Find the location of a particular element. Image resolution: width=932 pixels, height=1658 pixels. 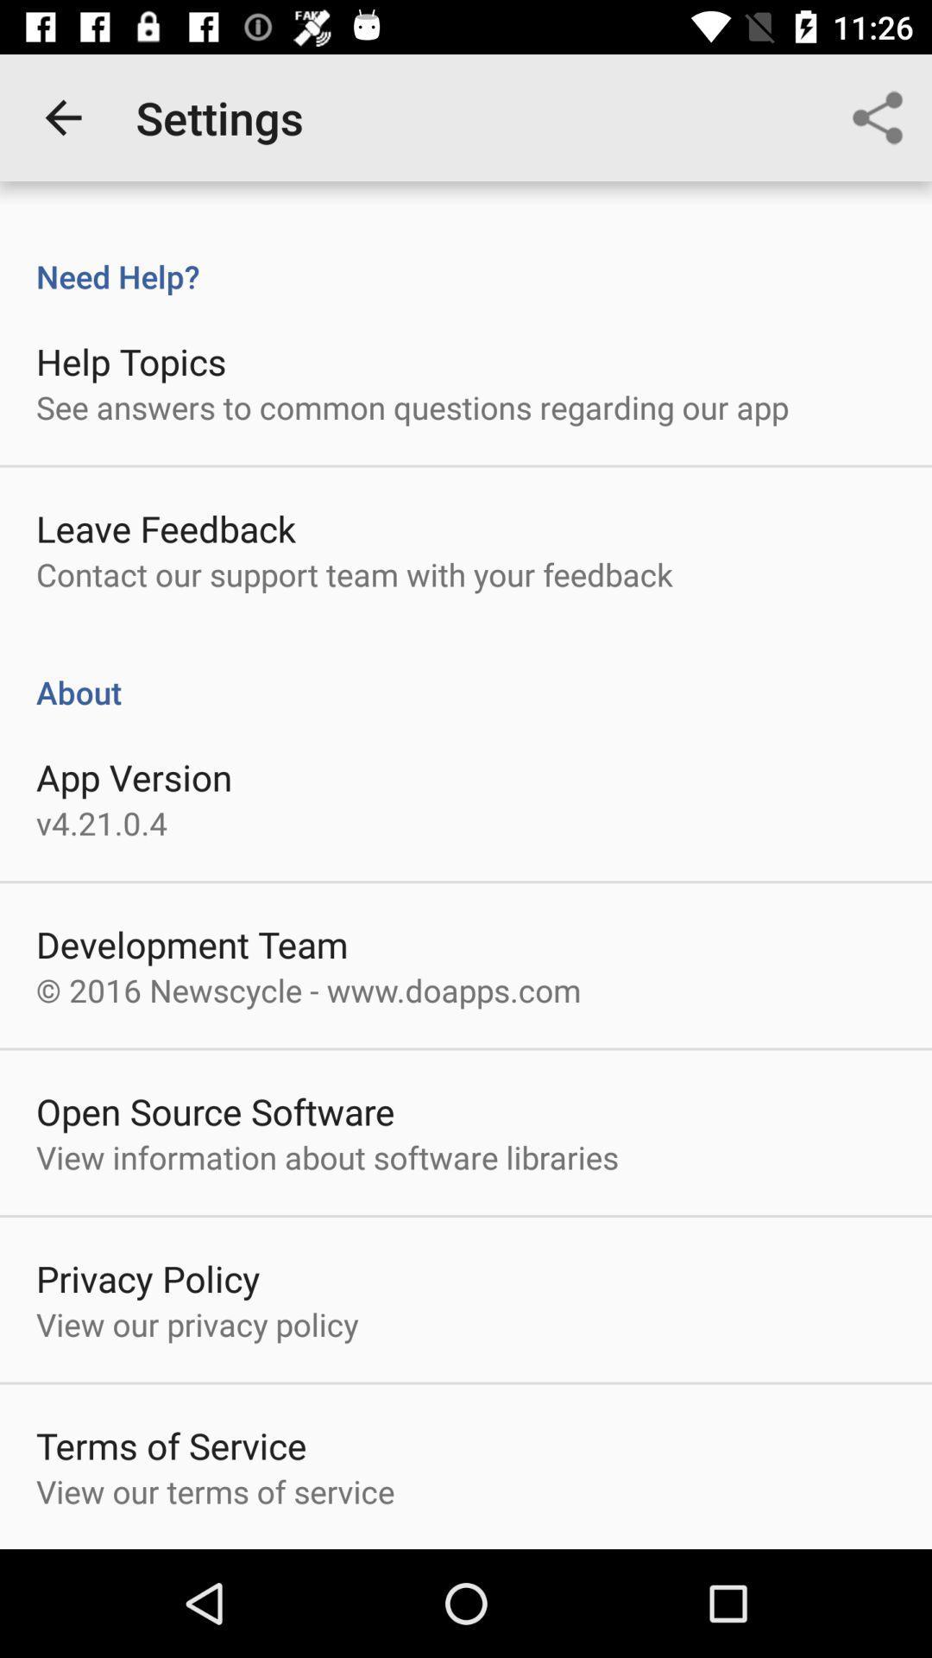

the app version icon is located at coordinates (133, 776).